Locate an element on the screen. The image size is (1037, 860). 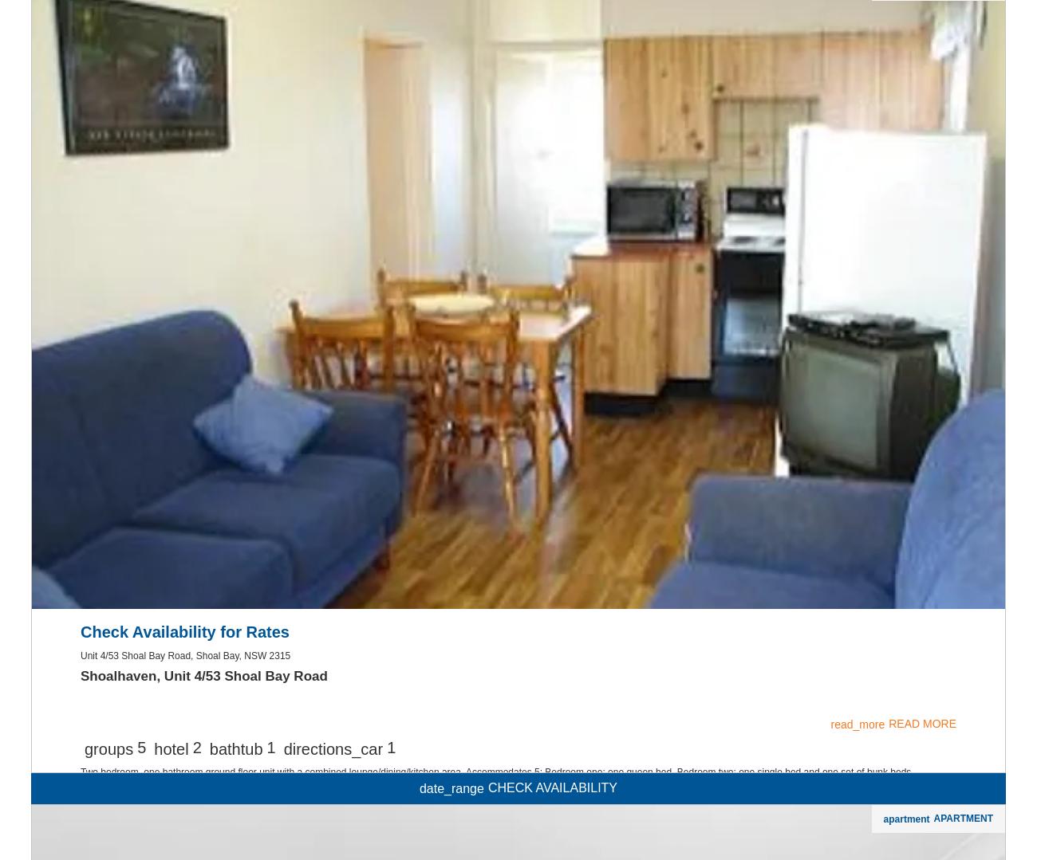
'House Features' is located at coordinates (152, 217).